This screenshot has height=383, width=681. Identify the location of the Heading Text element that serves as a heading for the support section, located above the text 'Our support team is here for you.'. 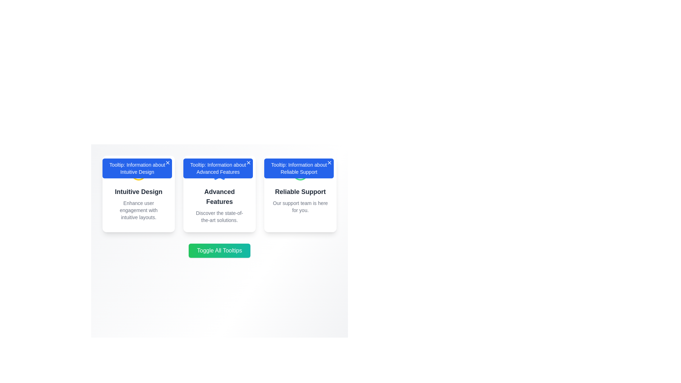
(300, 191).